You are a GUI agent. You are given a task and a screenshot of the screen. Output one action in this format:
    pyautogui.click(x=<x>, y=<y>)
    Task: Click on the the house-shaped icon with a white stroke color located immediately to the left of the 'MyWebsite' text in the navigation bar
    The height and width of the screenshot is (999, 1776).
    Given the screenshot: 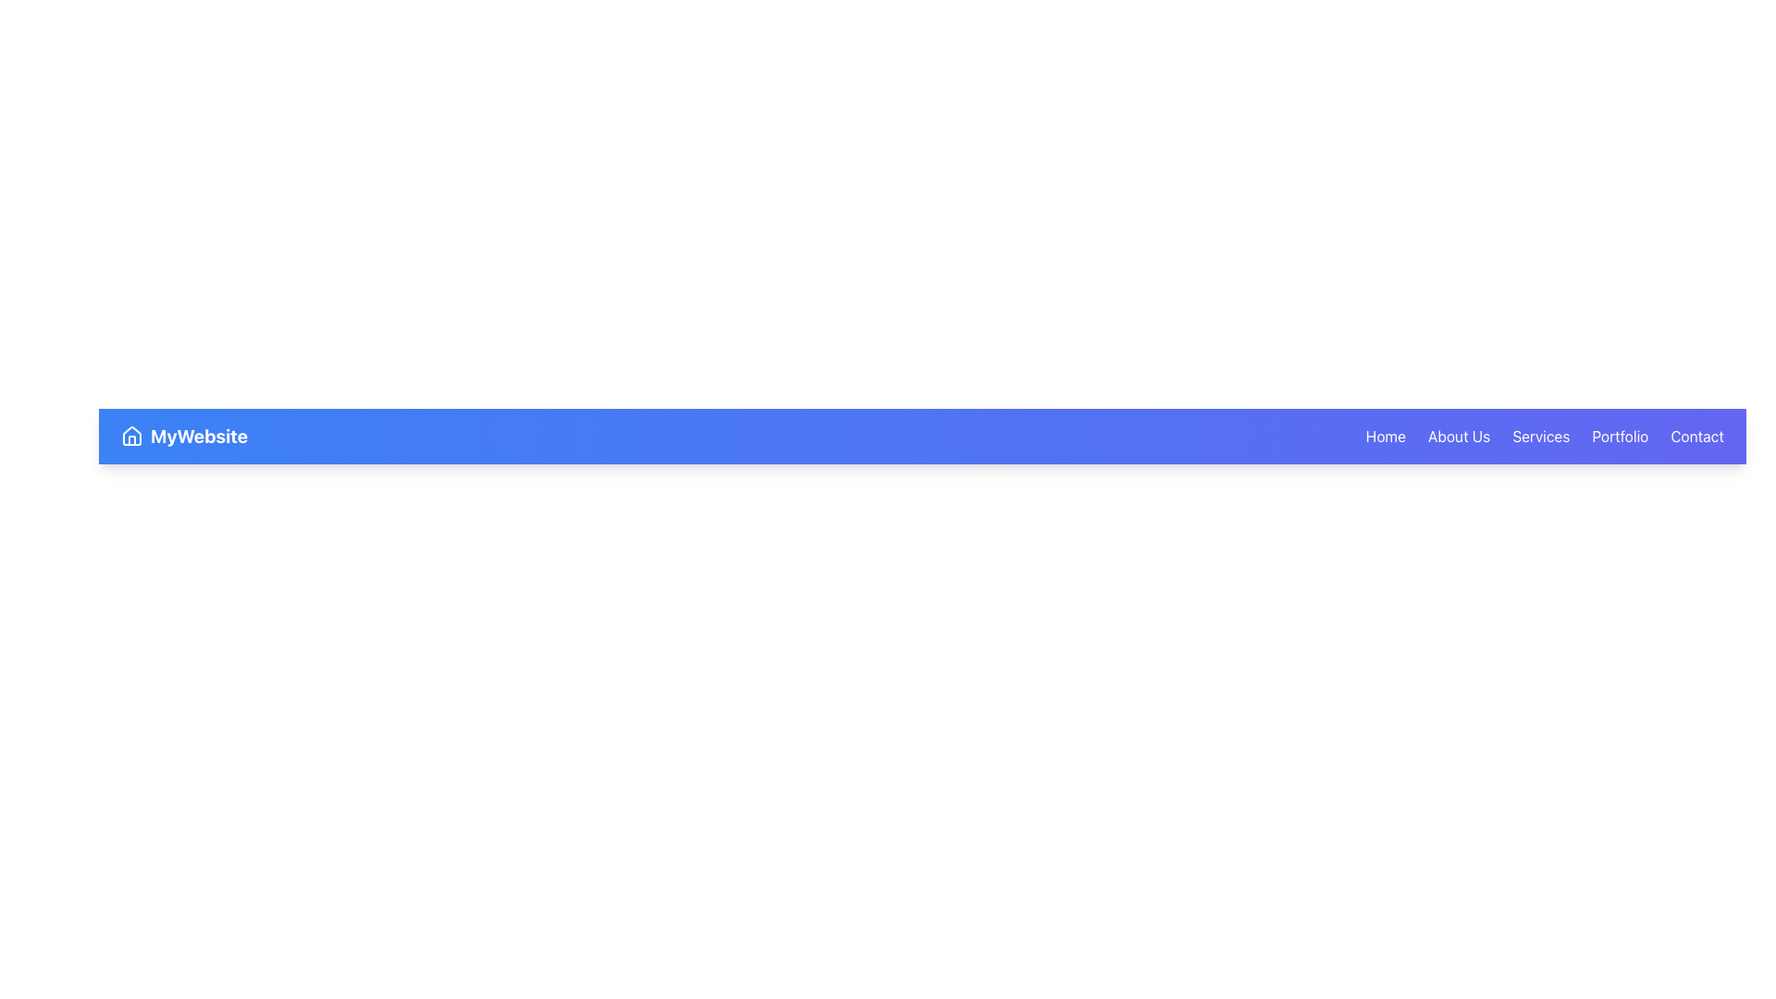 What is the action you would take?
    pyautogui.click(x=131, y=436)
    